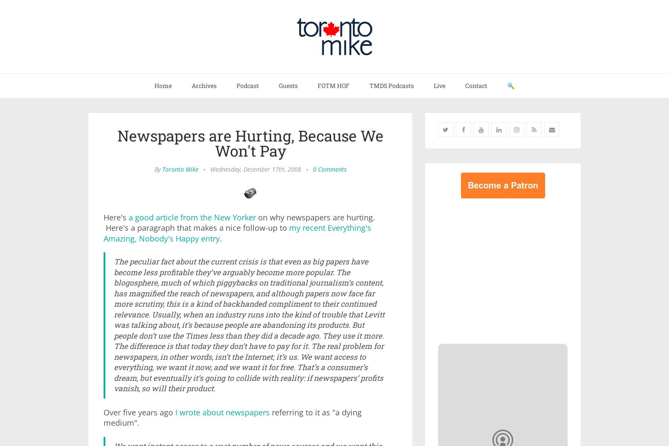 This screenshot has width=669, height=446. Describe the element at coordinates (237, 232) in the screenshot. I see `'my recent Everything's Amazing, Nobody's Happy entry'` at that location.